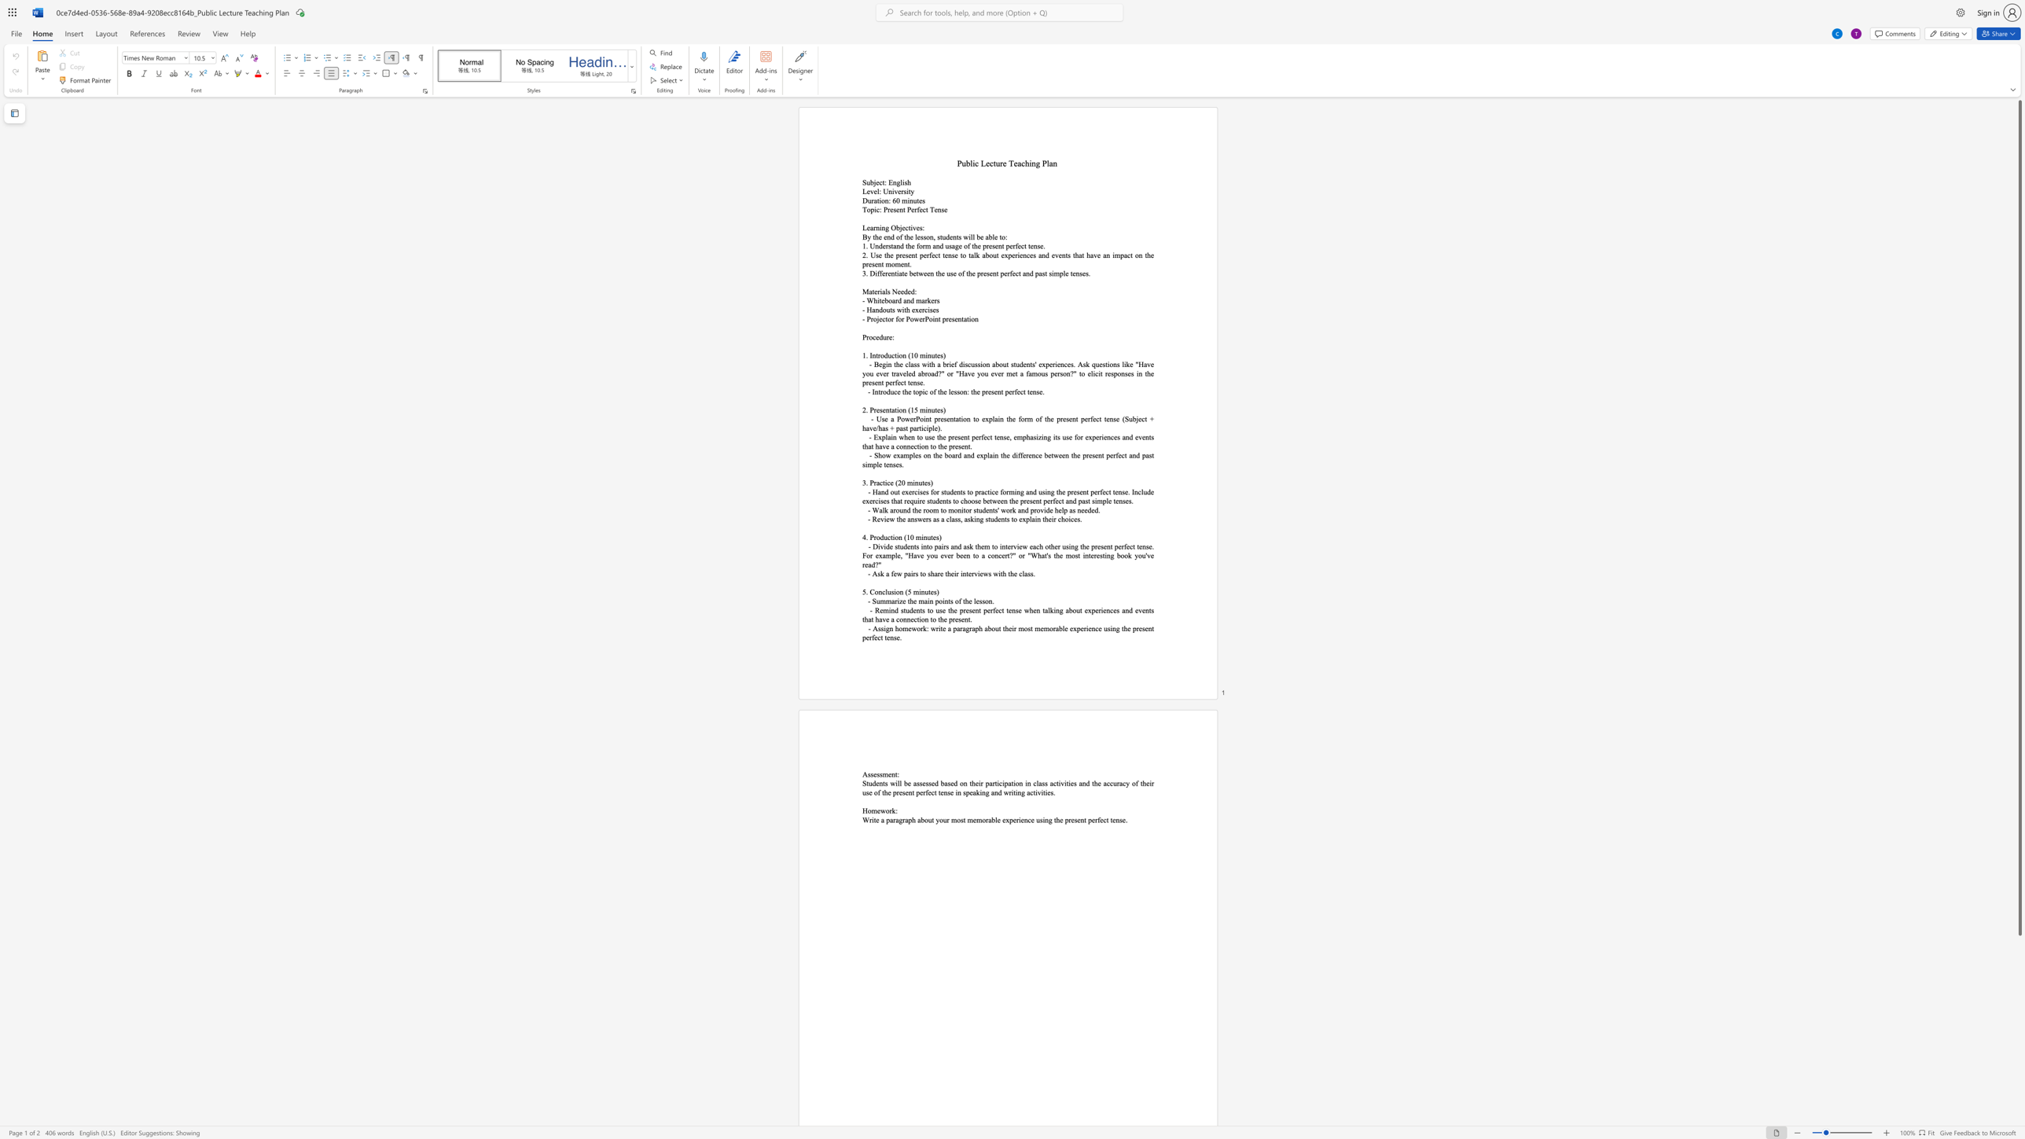 This screenshot has width=2025, height=1139. I want to click on the space between the continuous character "r" and "e" in the text, so click(888, 336).